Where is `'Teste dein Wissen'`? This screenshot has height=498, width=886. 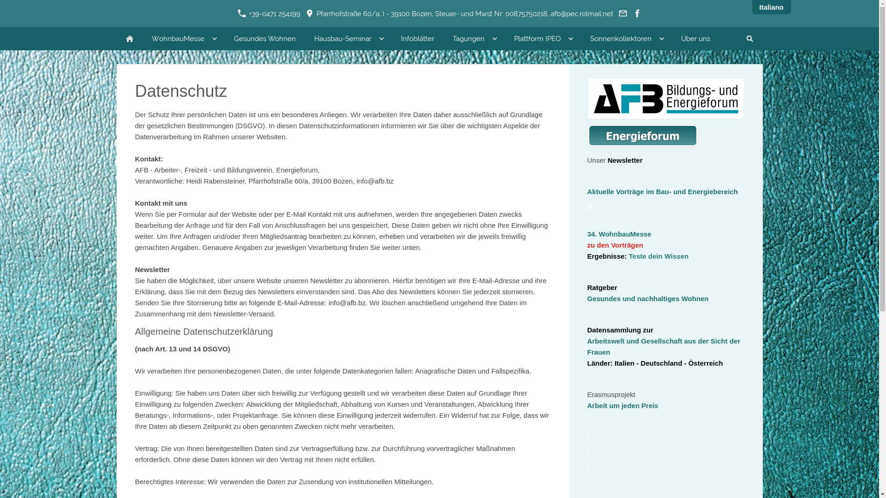
'Teste dein Wissen' is located at coordinates (658, 256).